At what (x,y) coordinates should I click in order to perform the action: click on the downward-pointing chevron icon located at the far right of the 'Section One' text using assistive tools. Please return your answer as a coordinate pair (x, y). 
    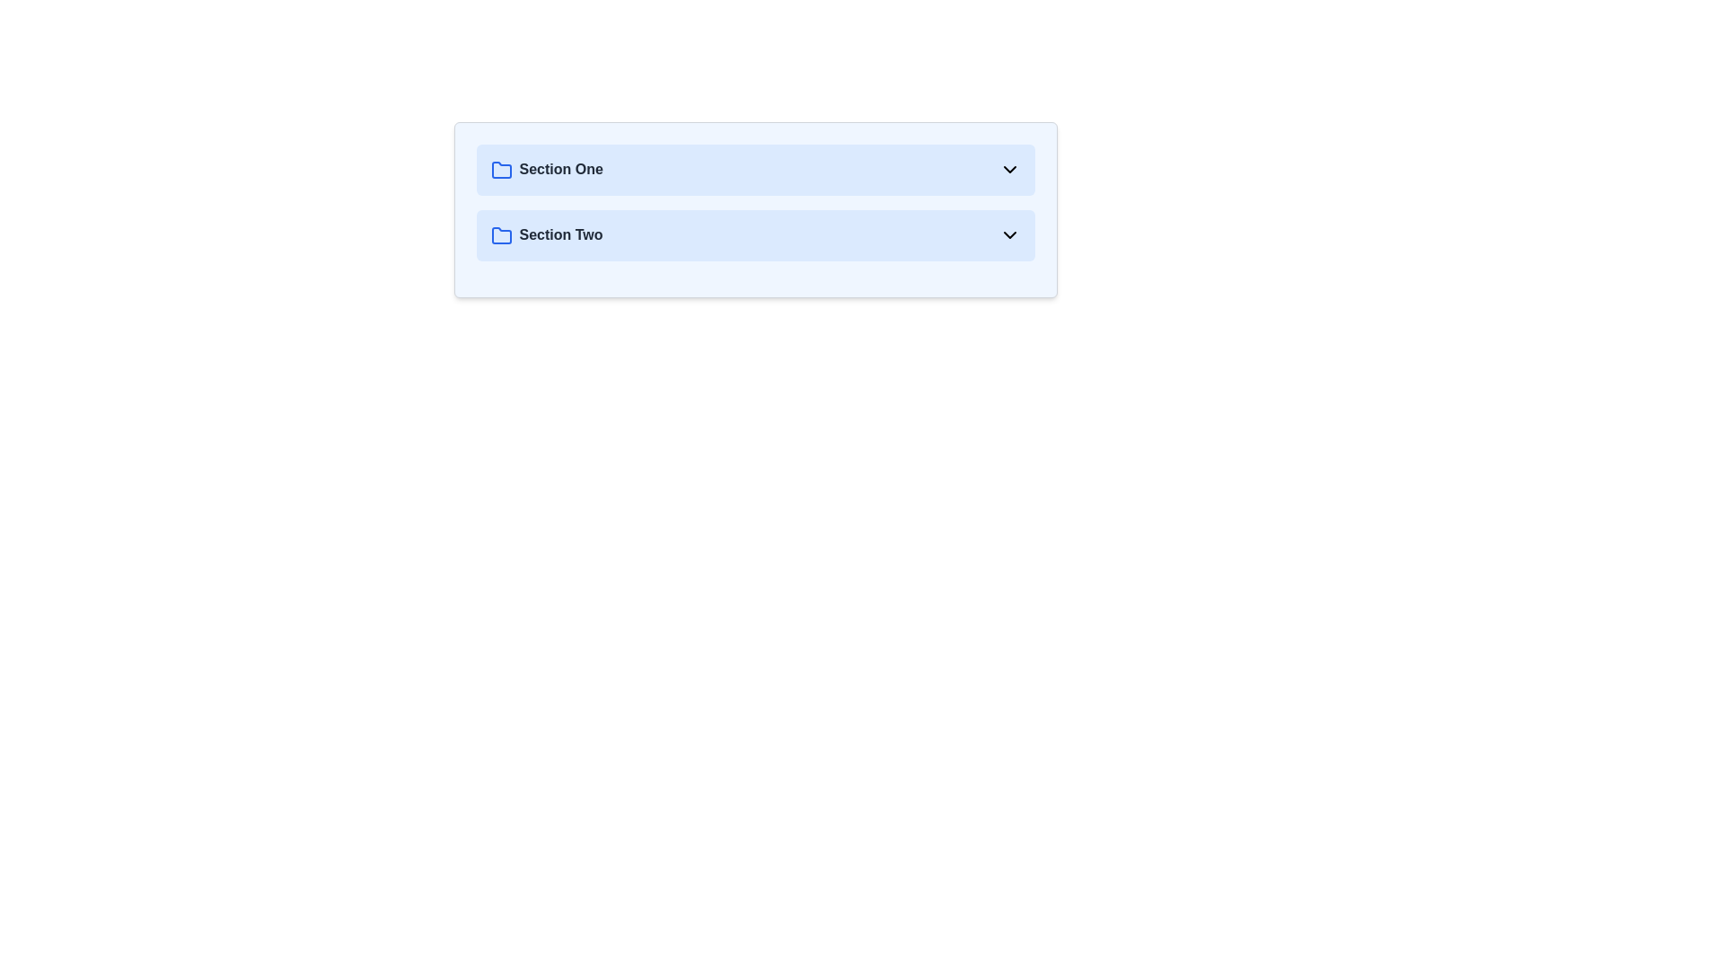
    Looking at the image, I should click on (1009, 170).